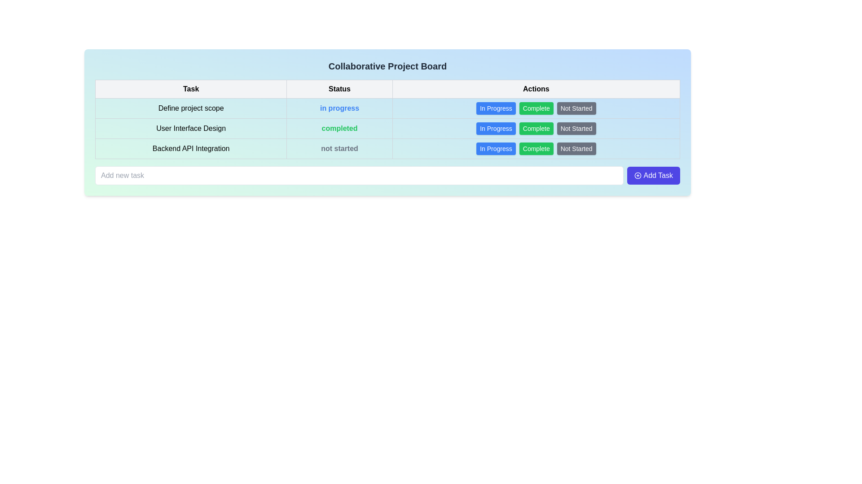  I want to click on the button labeled 'In Progress' with a light blue background and rounded corners, located in the 'Actions' column of the completed task row, so click(495, 128).